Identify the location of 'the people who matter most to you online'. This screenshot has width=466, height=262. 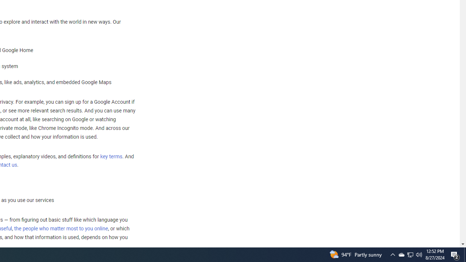
(61, 228).